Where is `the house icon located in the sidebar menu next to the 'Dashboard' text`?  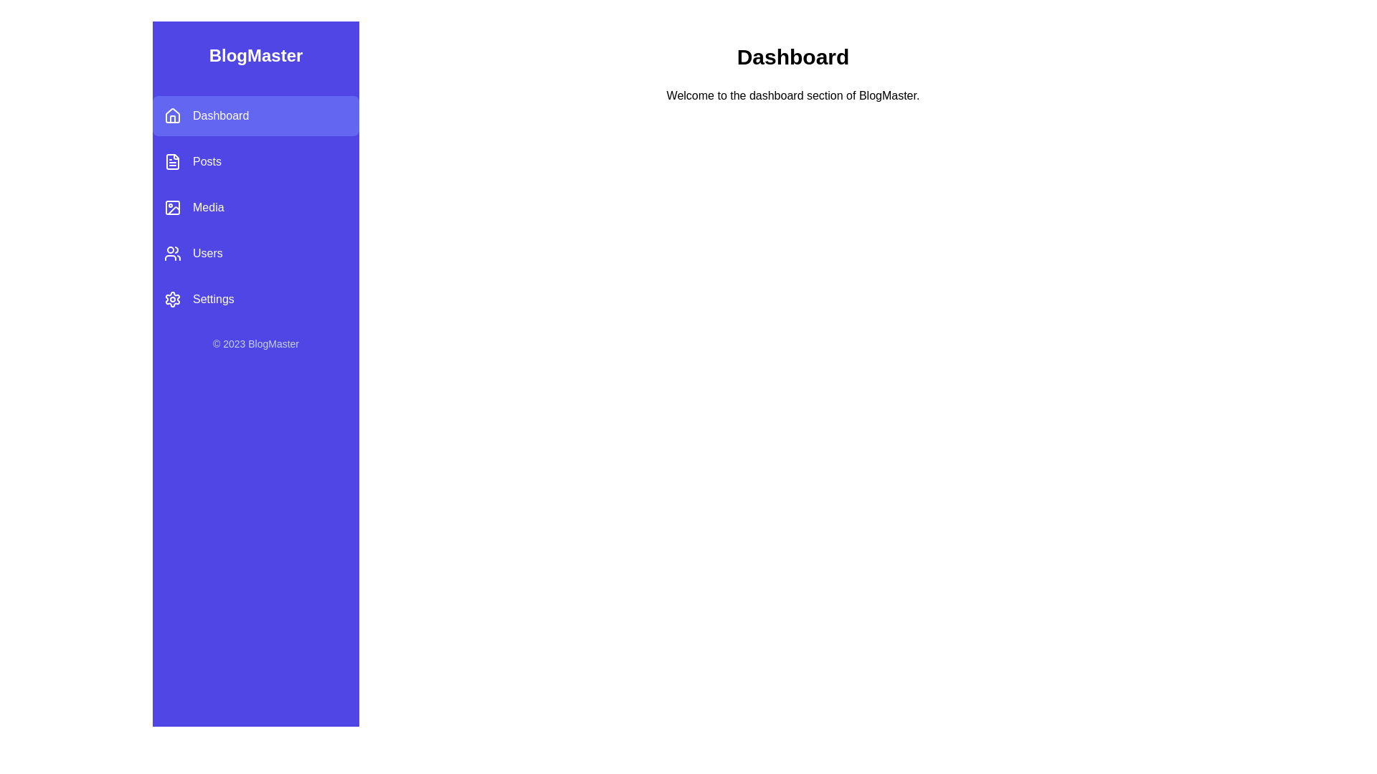
the house icon located in the sidebar menu next to the 'Dashboard' text is located at coordinates (172, 115).